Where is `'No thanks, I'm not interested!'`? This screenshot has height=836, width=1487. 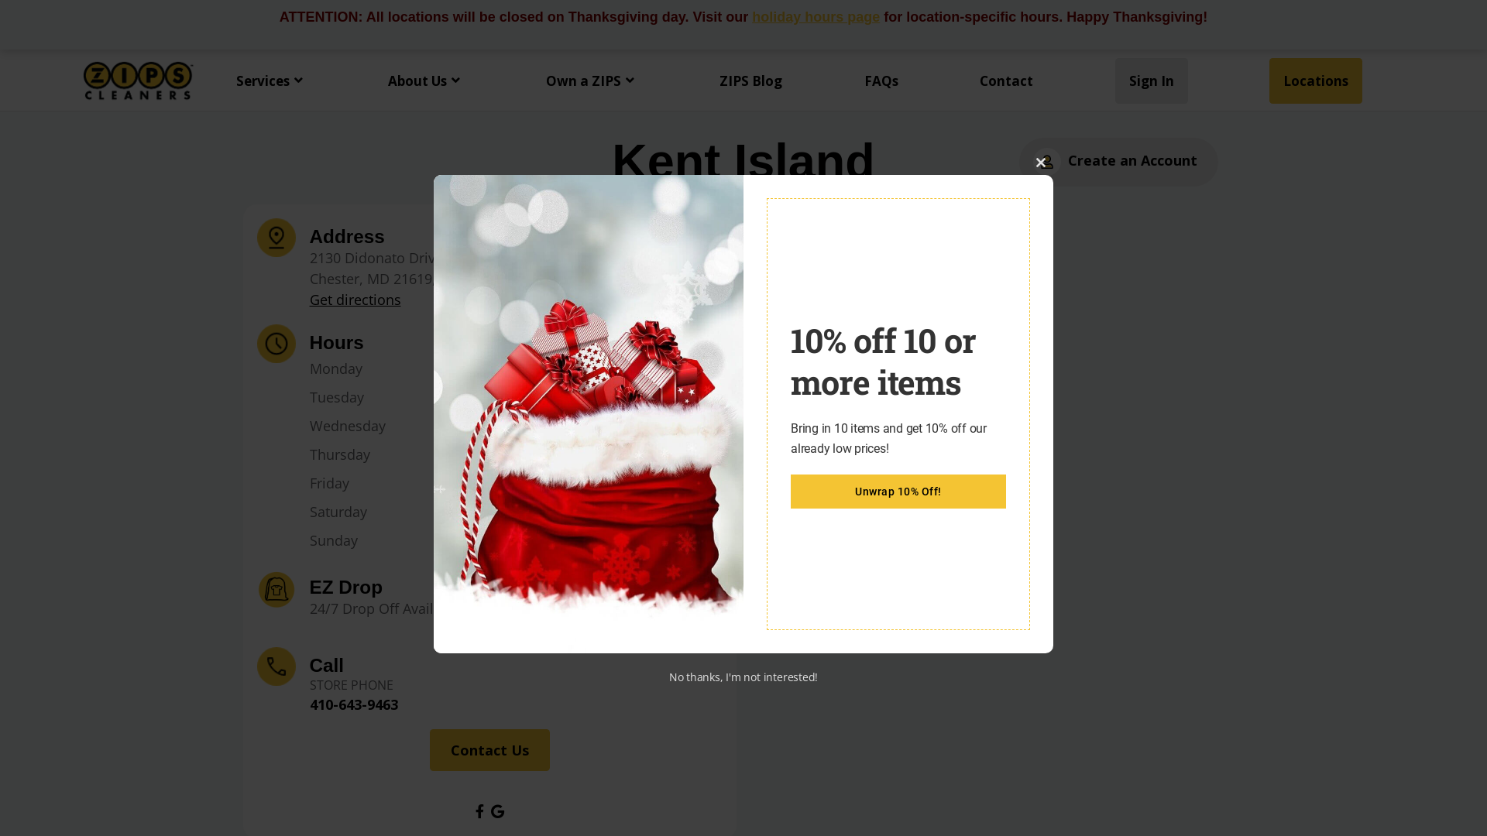
'No thanks, I'm not interested!' is located at coordinates (669, 676).